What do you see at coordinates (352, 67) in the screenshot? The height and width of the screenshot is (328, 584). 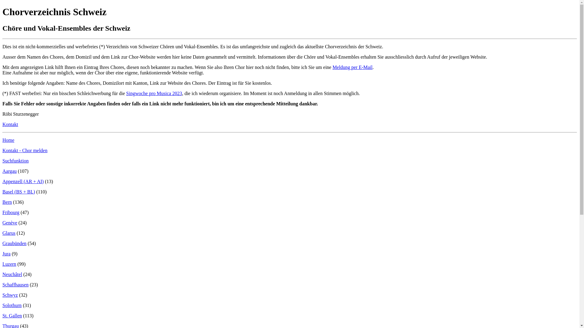 I see `'Meldung per E-Mail'` at bounding box center [352, 67].